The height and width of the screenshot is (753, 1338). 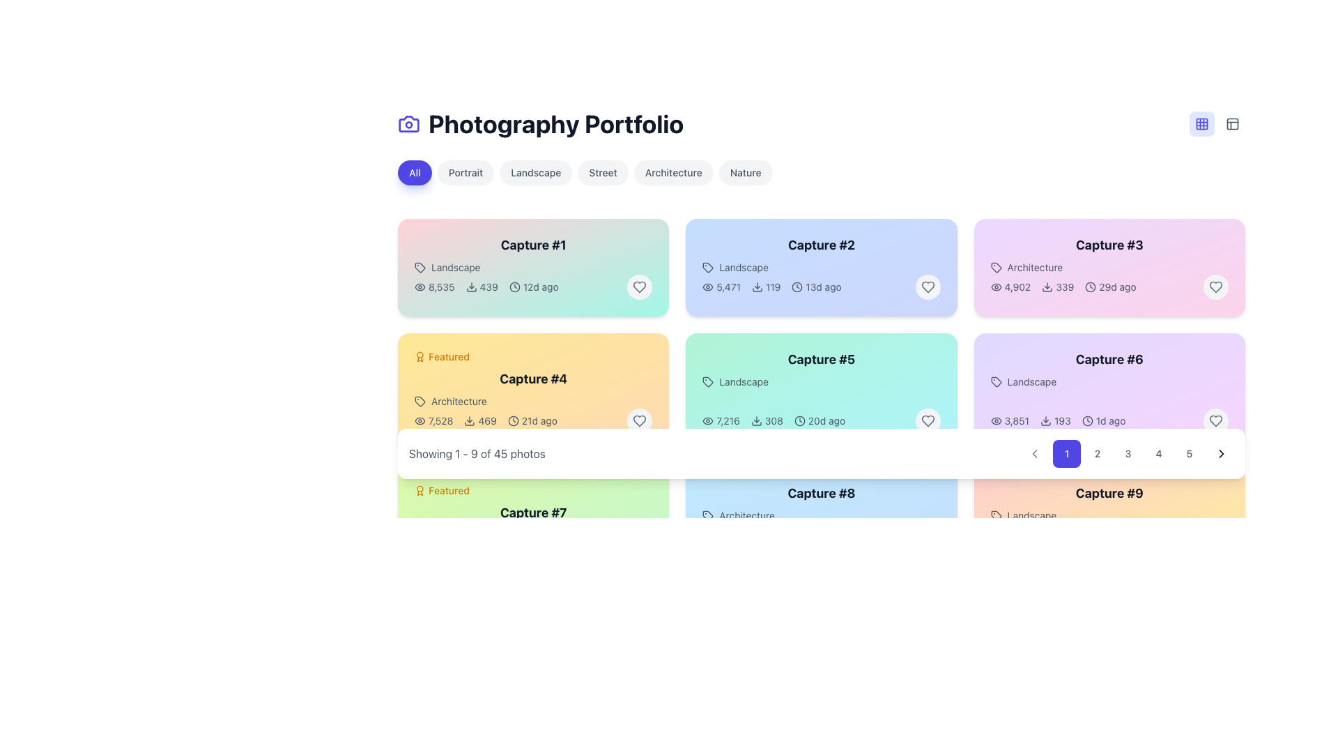 What do you see at coordinates (822, 287) in the screenshot?
I see `the Informational banner that displays the text '5,47111913d ago', located below the label 'Landscape' in the lower section of the card labeled 'Capture #2'` at bounding box center [822, 287].